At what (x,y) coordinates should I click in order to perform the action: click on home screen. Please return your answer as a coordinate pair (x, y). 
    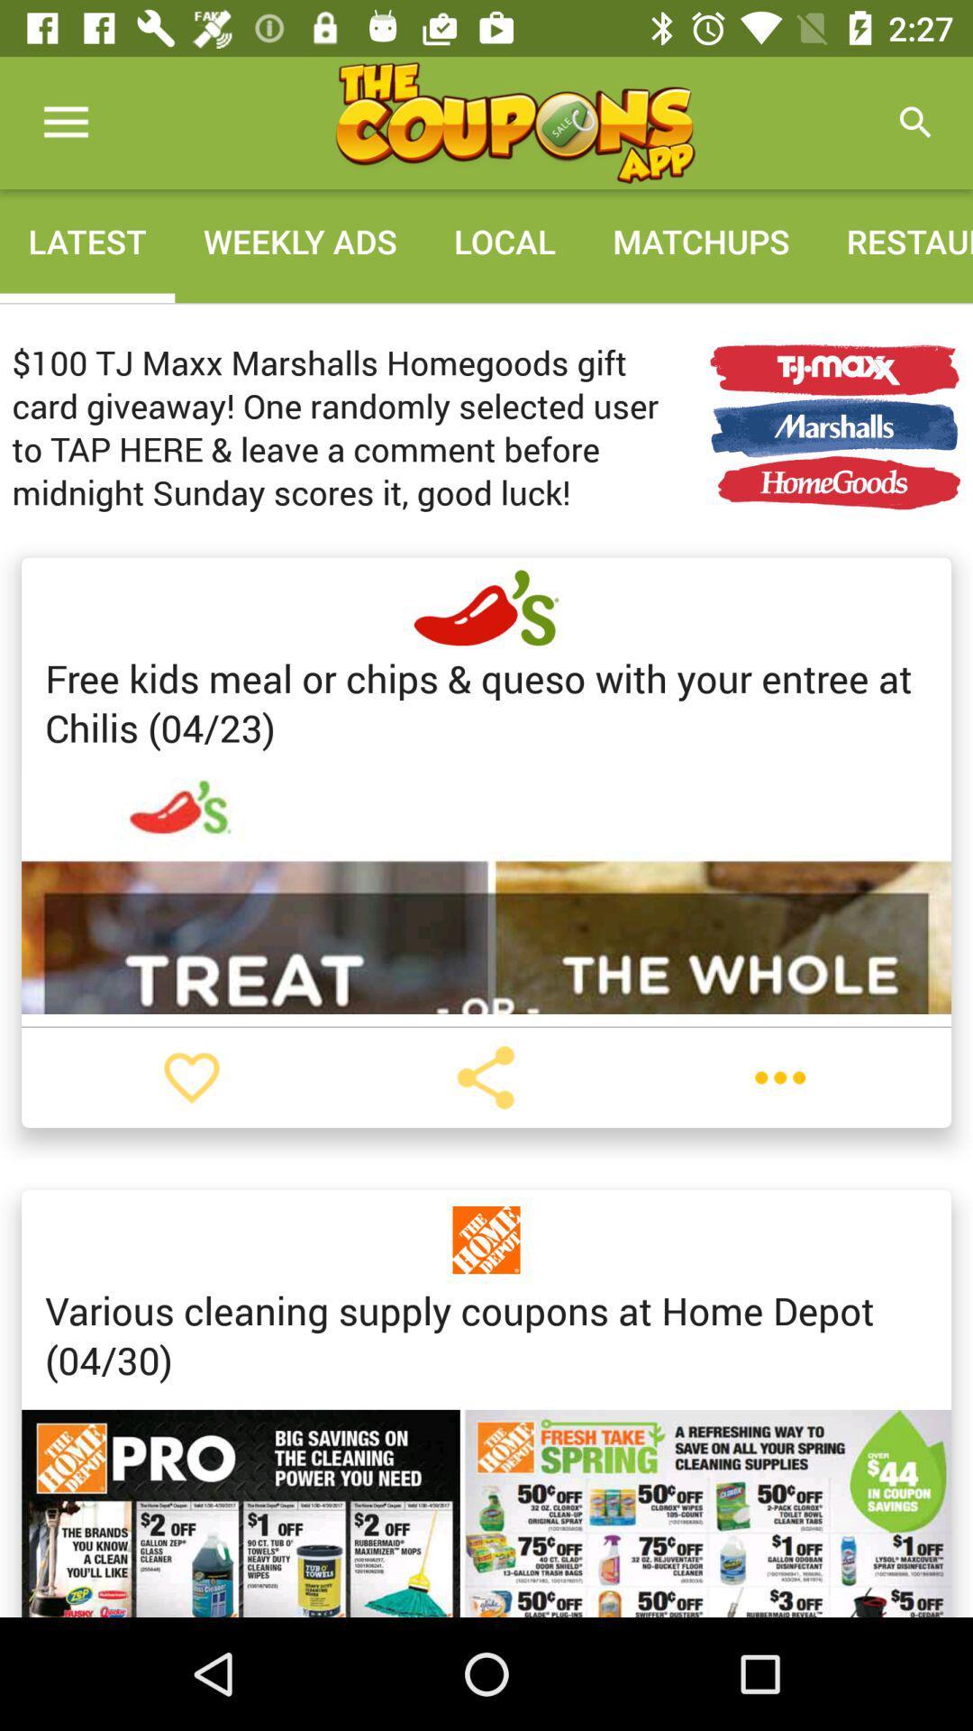
    Looking at the image, I should click on (514, 122).